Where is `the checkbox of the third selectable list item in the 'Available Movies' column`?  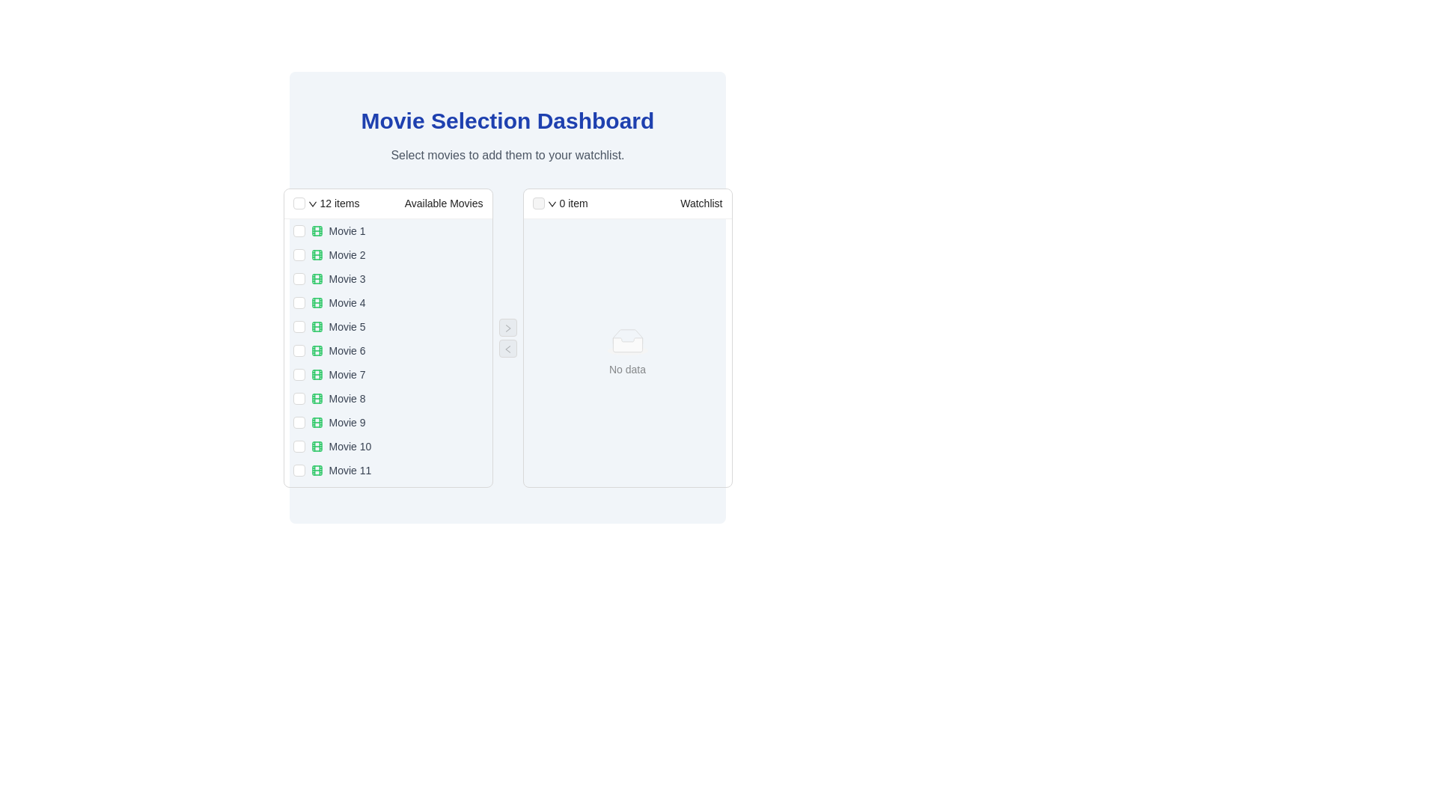
the checkbox of the third selectable list item in the 'Available Movies' column is located at coordinates (388, 279).